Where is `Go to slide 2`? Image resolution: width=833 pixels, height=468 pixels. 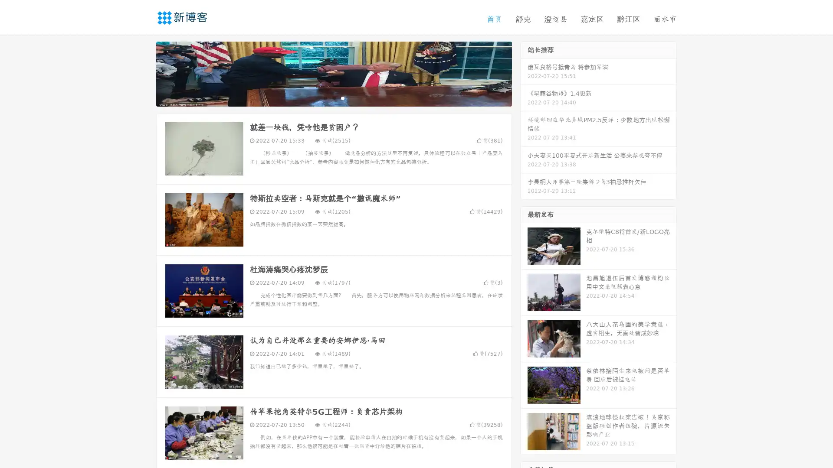 Go to slide 2 is located at coordinates (333, 97).